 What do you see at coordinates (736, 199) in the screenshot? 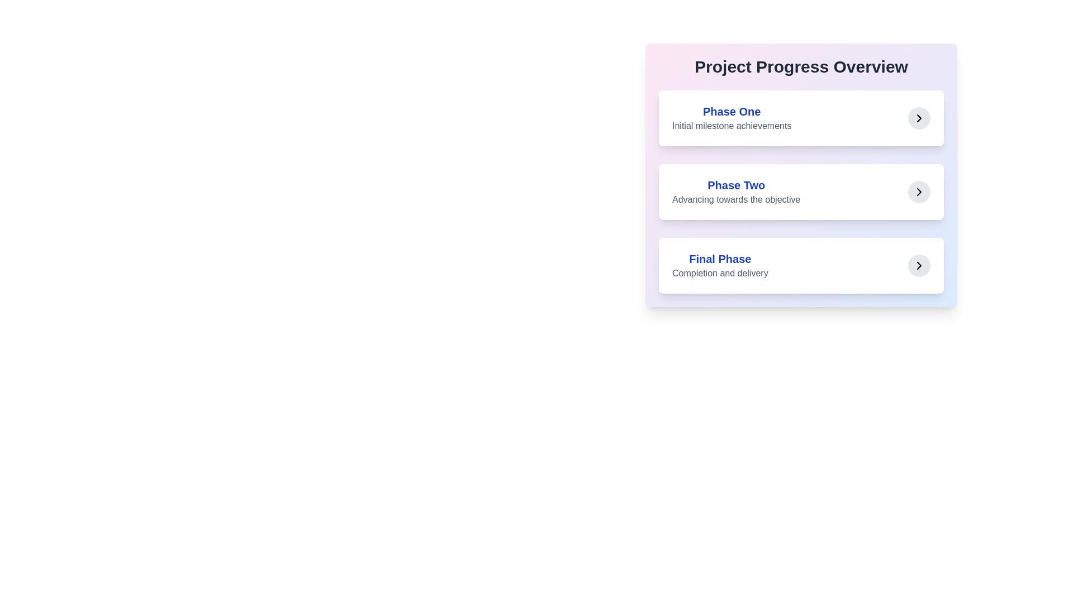
I see `text description displayed in the Text Label element that reads 'Advancing towards the objective', which is located in the 'Phase Two' section of the 'Project Progress Overview'` at bounding box center [736, 199].